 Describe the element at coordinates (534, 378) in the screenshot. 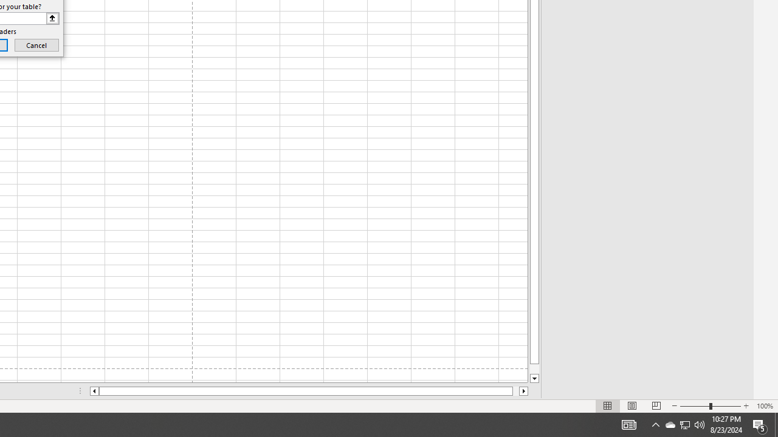

I see `'Line down'` at that location.